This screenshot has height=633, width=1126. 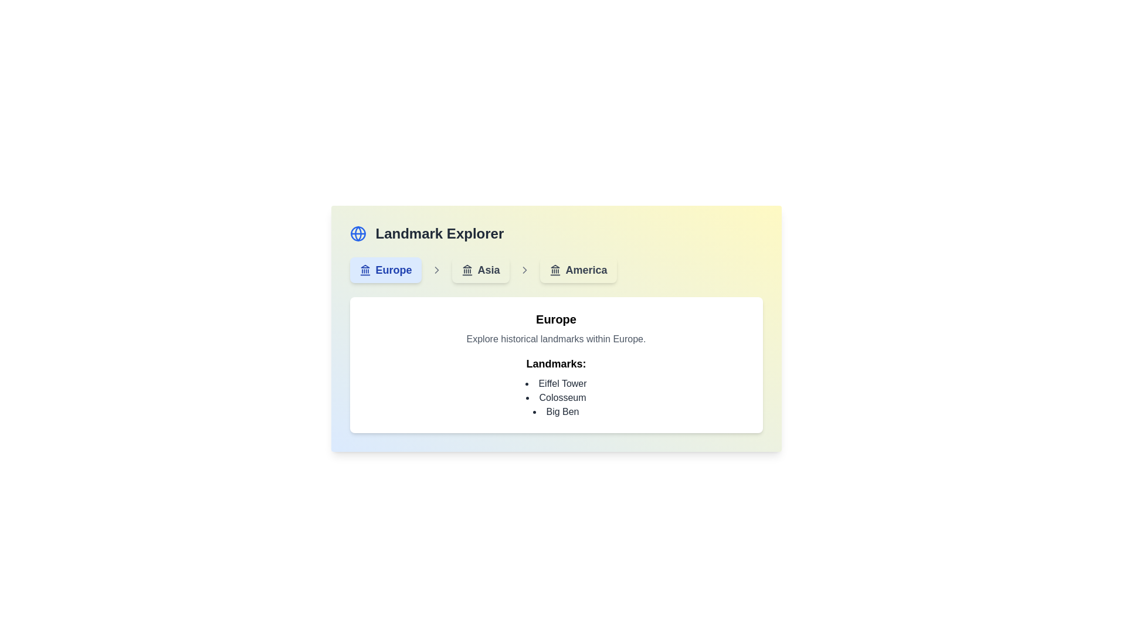 What do you see at coordinates (480, 270) in the screenshot?
I see `the 'Asia' button, which is the second button in a horizontal group of three buttons labeled 'Europe', 'Asia', and 'America'` at bounding box center [480, 270].